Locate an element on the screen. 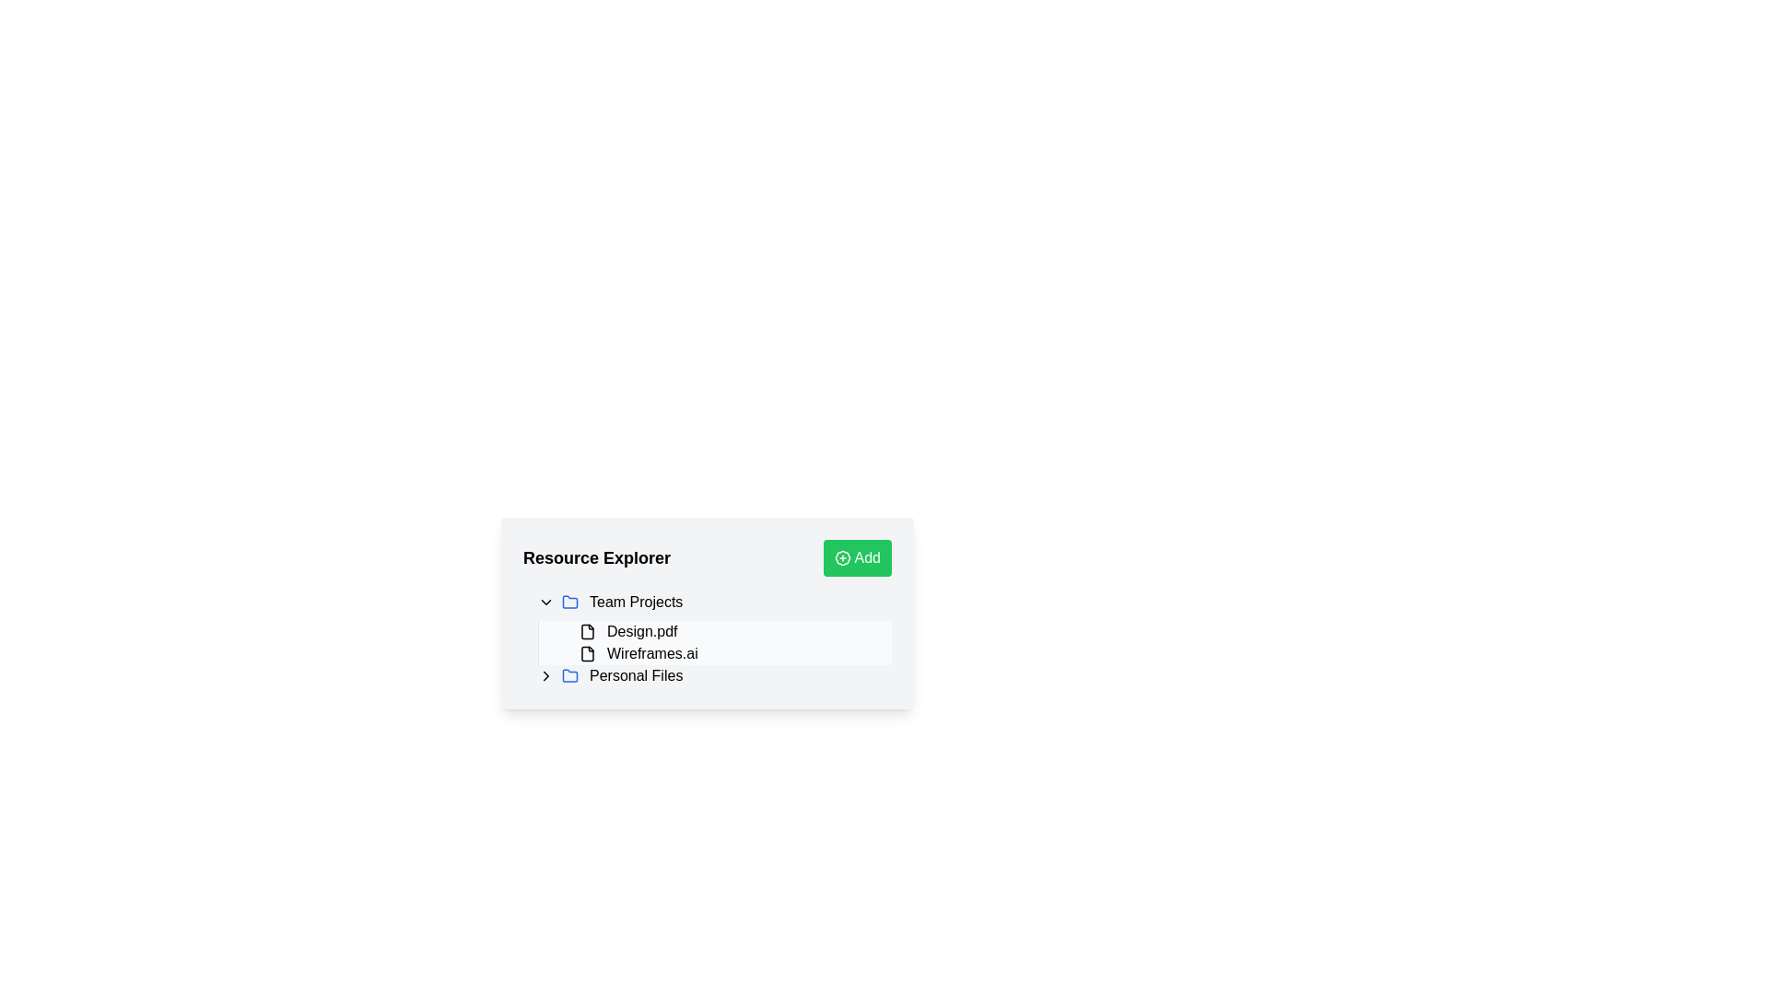 The width and height of the screenshot is (1769, 995). the PDF document icon representing 'Design.pdf' within the 'Team Projects' section of the file explorer interface is located at coordinates (587, 631).